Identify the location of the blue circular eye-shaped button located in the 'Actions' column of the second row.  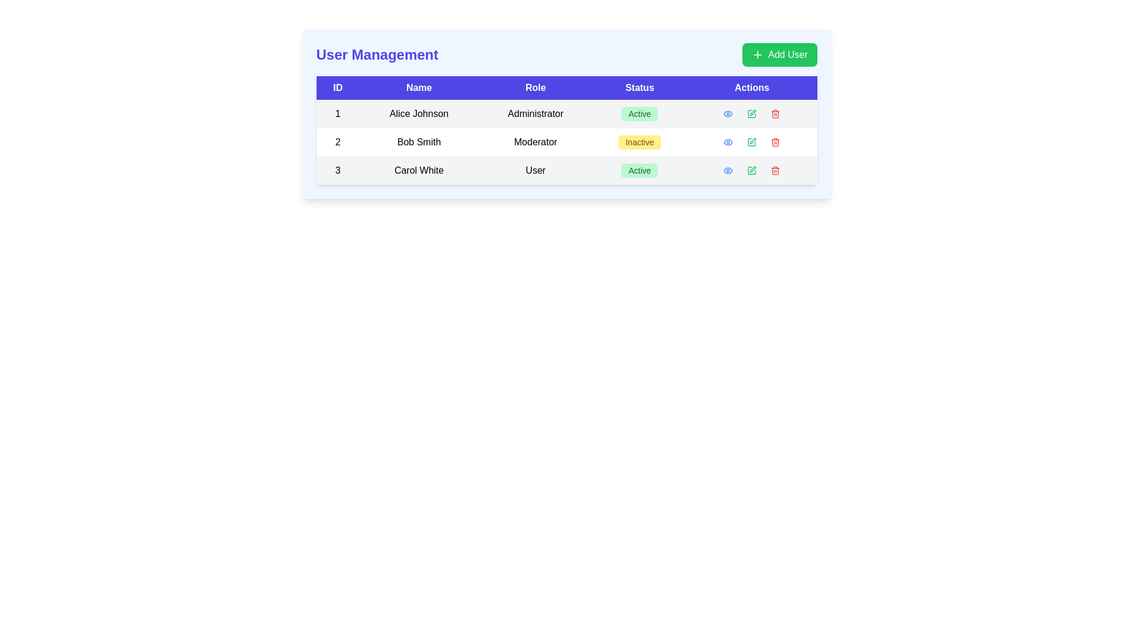
(728, 141).